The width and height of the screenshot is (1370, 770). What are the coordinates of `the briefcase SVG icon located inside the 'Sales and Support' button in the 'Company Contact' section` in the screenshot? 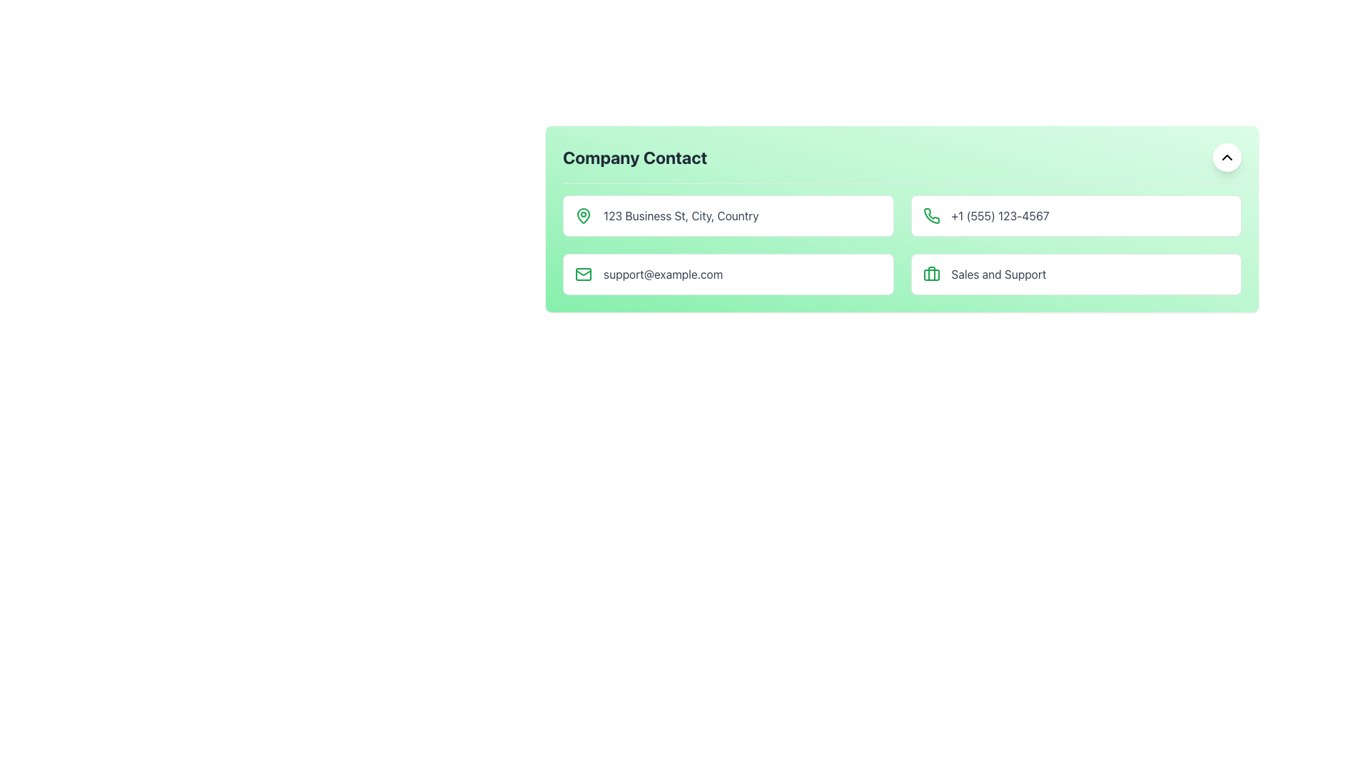 It's located at (931, 274).